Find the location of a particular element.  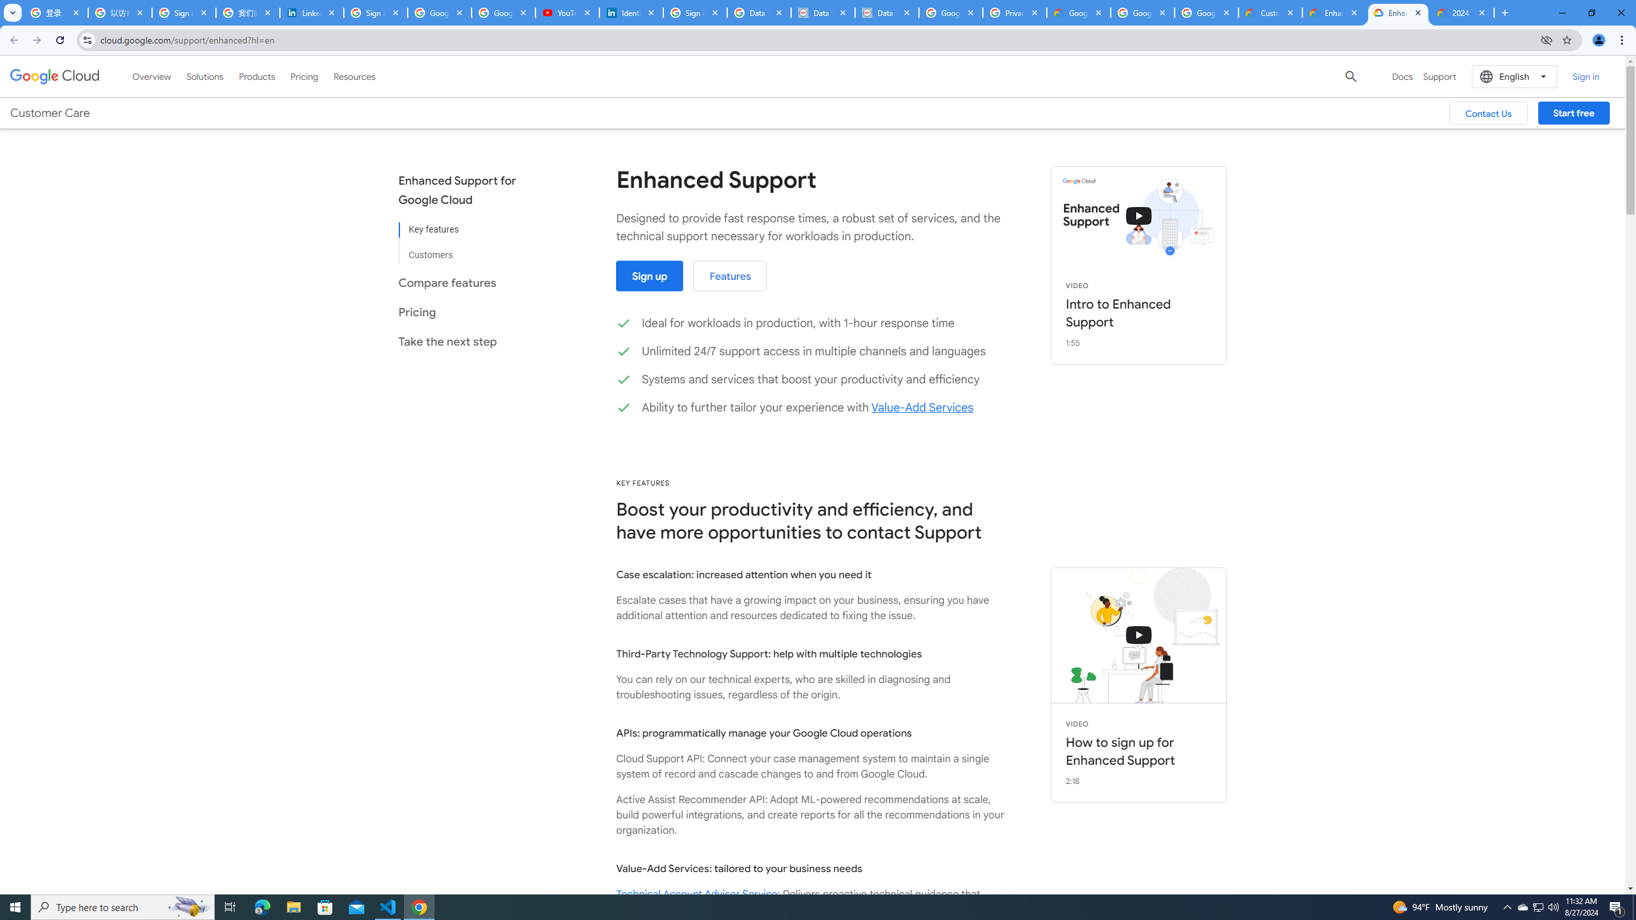

'Customers' is located at coordinates (466, 249).